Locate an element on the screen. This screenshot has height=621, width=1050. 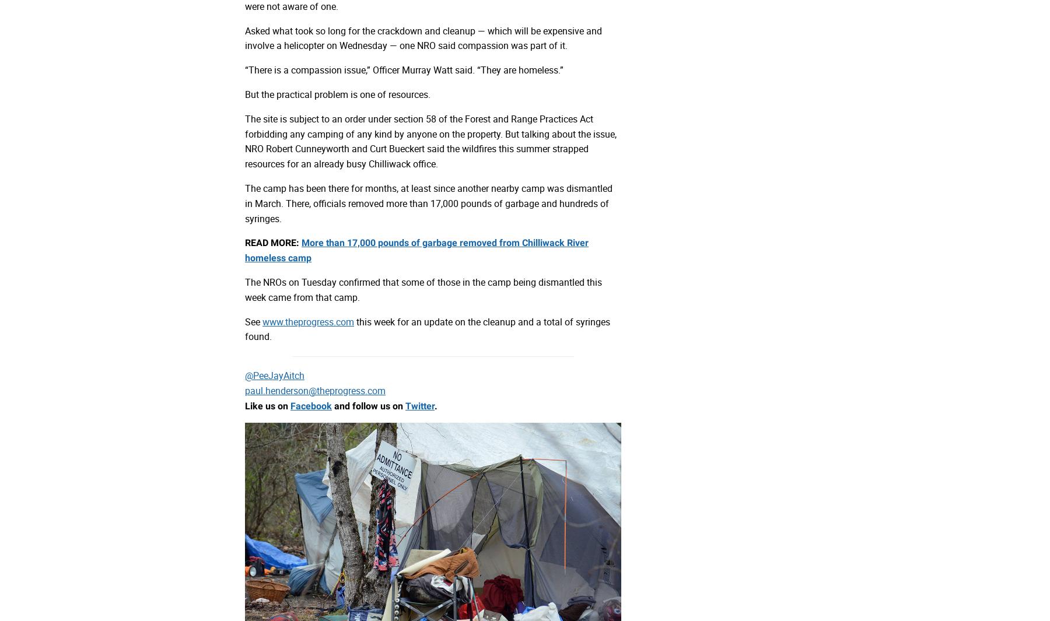
'this week for an update on the cleanup and a total of syringes found.' is located at coordinates (426, 329).